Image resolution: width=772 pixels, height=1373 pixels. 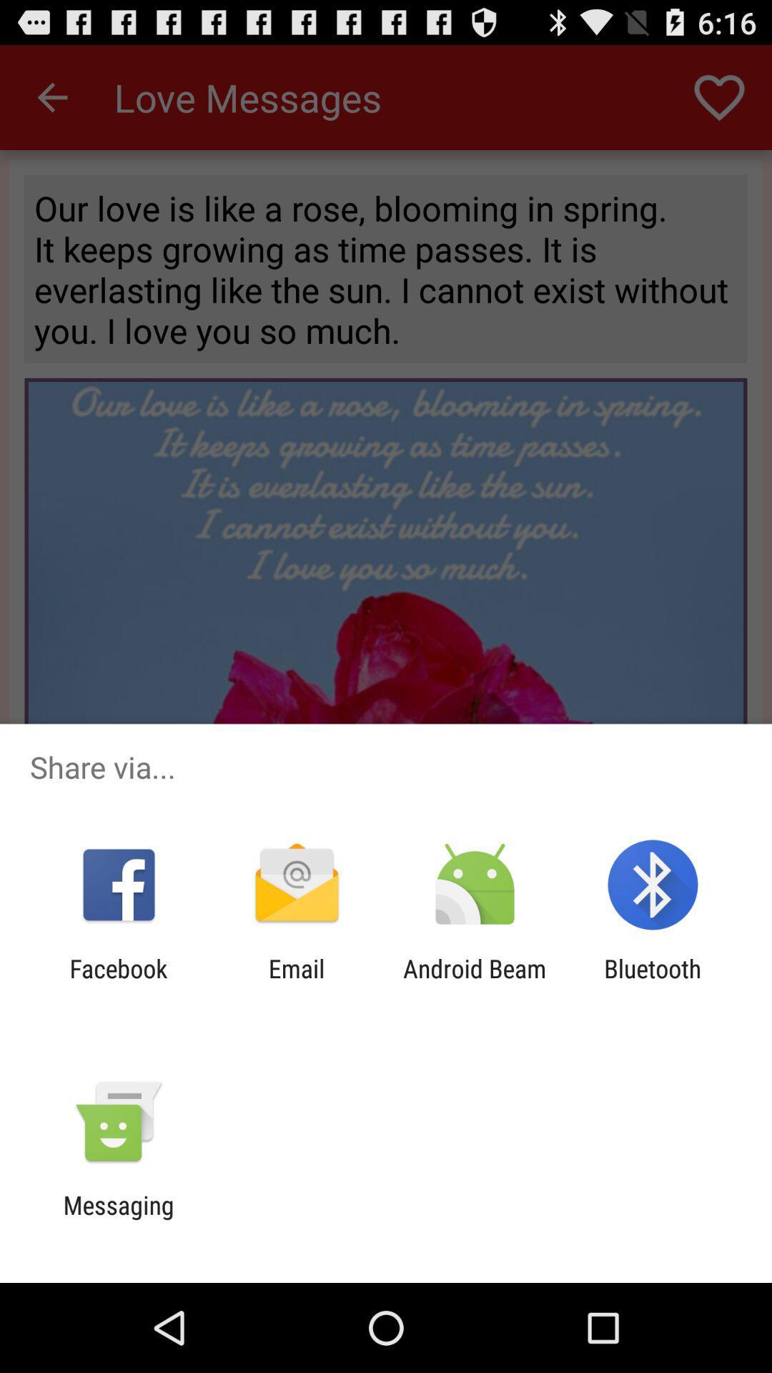 I want to click on the item to the right of android beam, so click(x=653, y=983).